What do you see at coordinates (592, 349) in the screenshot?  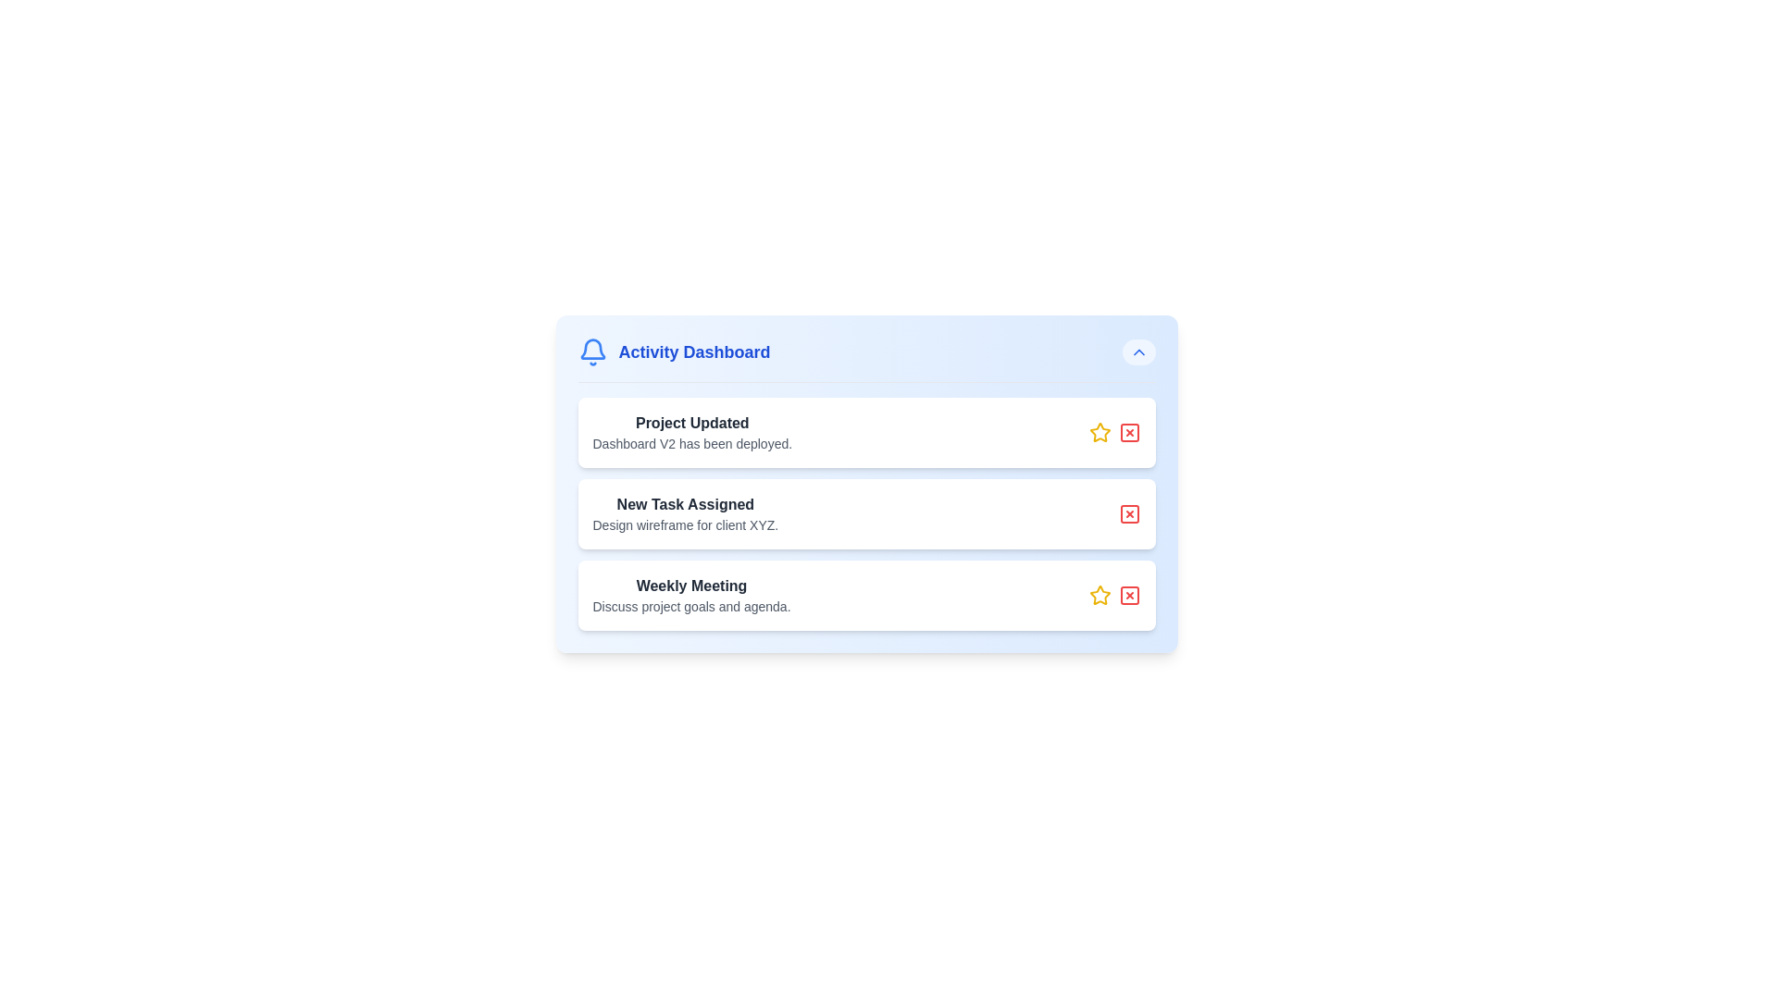 I see `the notification icon, which is an outline of a bell shape with a blue border, located in the top-left corner of the 'Activity Dashboard' card` at bounding box center [592, 349].